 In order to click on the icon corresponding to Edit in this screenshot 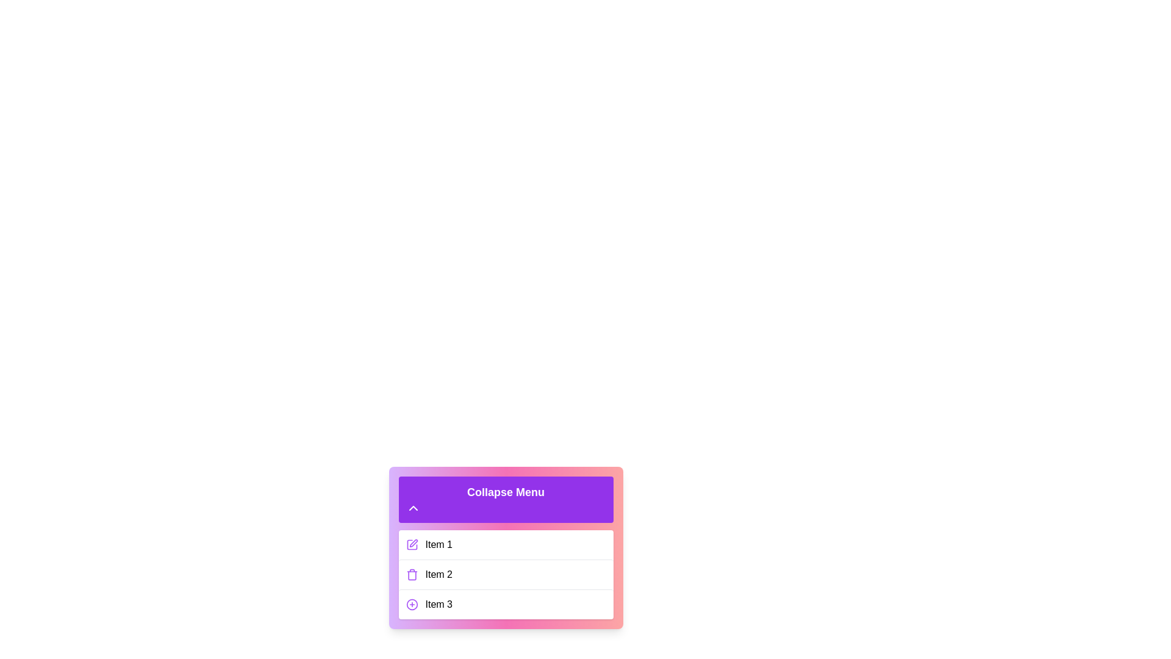, I will do `click(412, 544)`.